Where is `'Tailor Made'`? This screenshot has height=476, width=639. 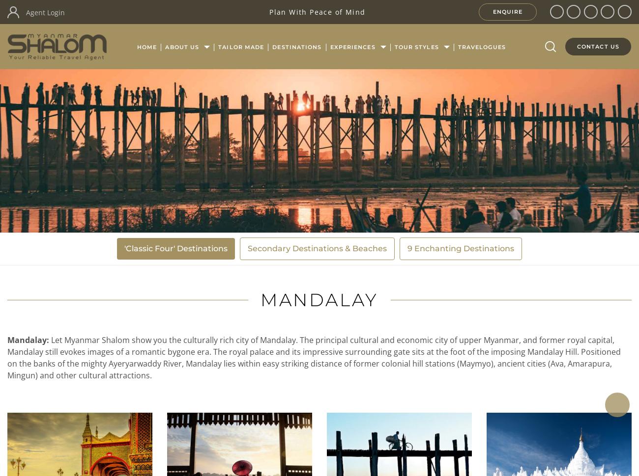 'Tailor Made' is located at coordinates (241, 47).